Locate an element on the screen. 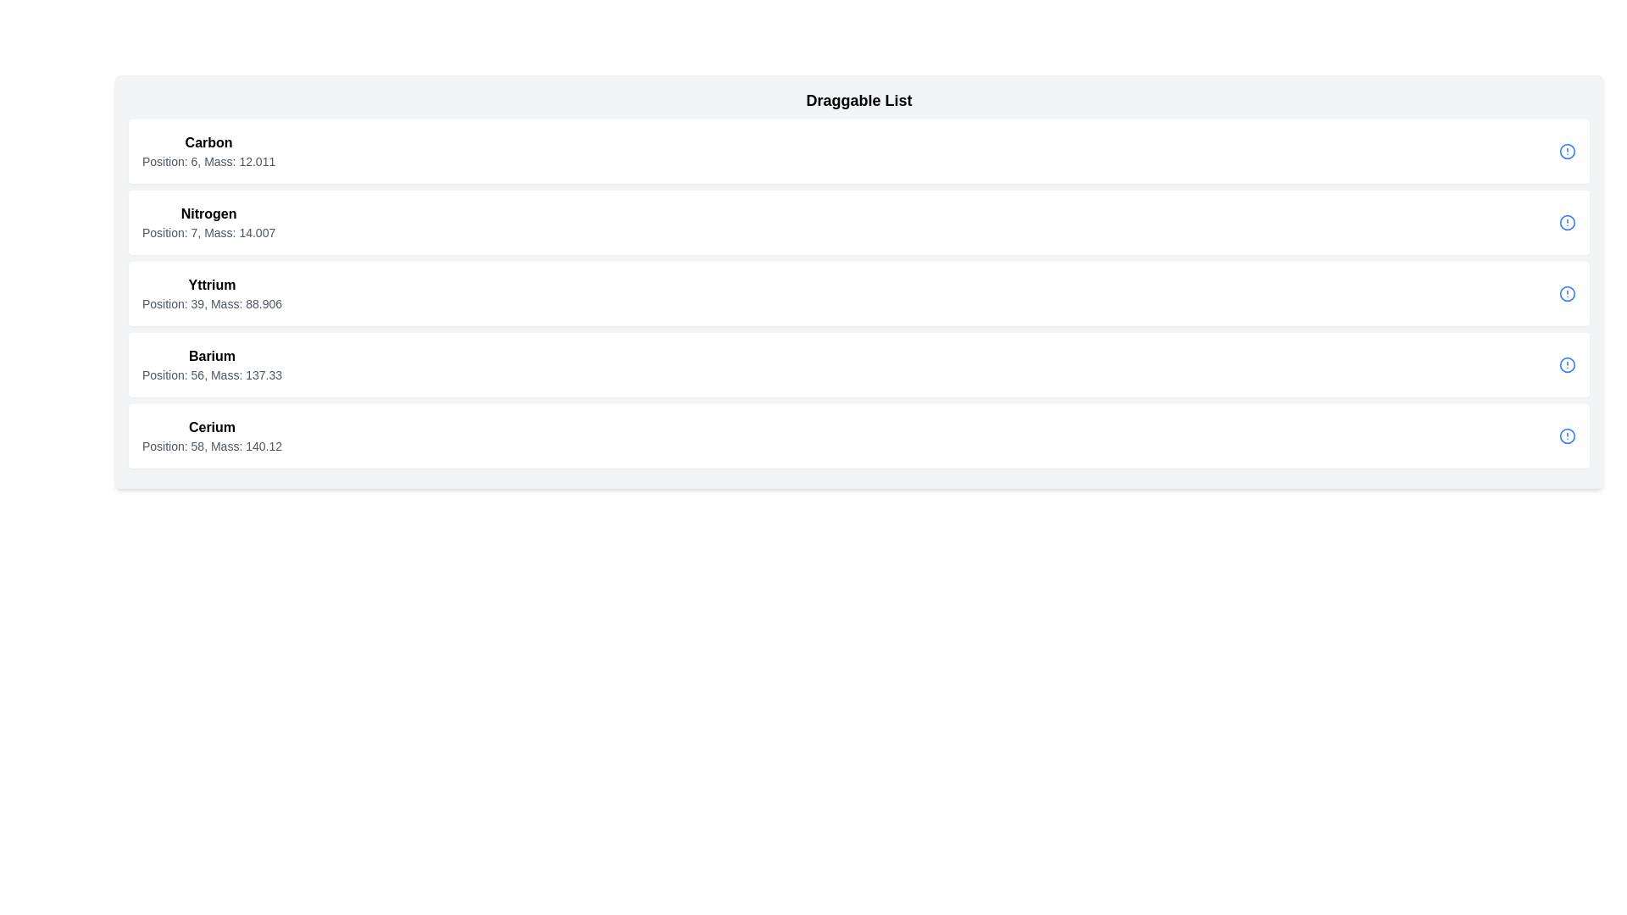  the List item displaying information about Cerium is located at coordinates (858, 435).